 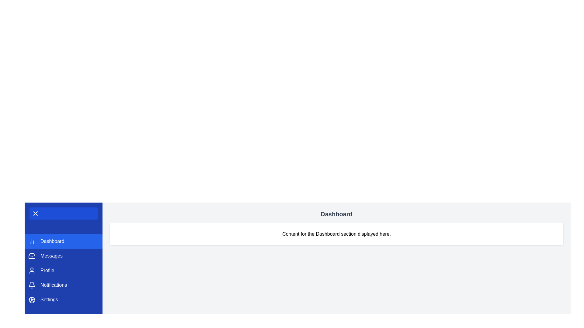 I want to click on the bell icon representing the 'Notifications' feature in the sidebar menu, so click(x=32, y=285).